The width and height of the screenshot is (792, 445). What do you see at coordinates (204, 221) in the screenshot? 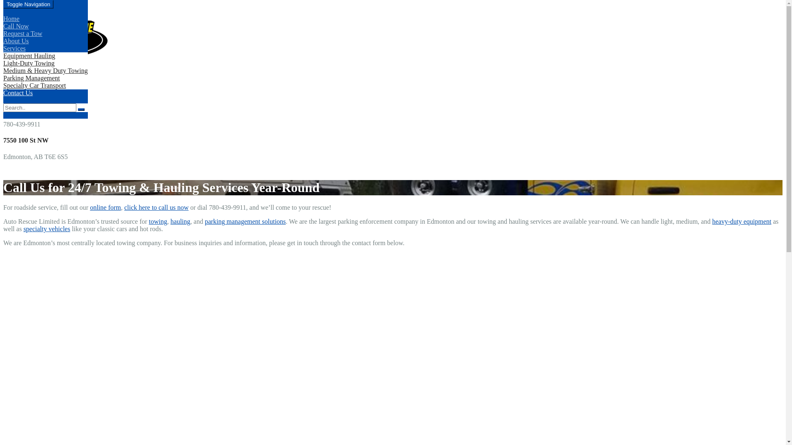
I see `'parking management solutions'` at bounding box center [204, 221].